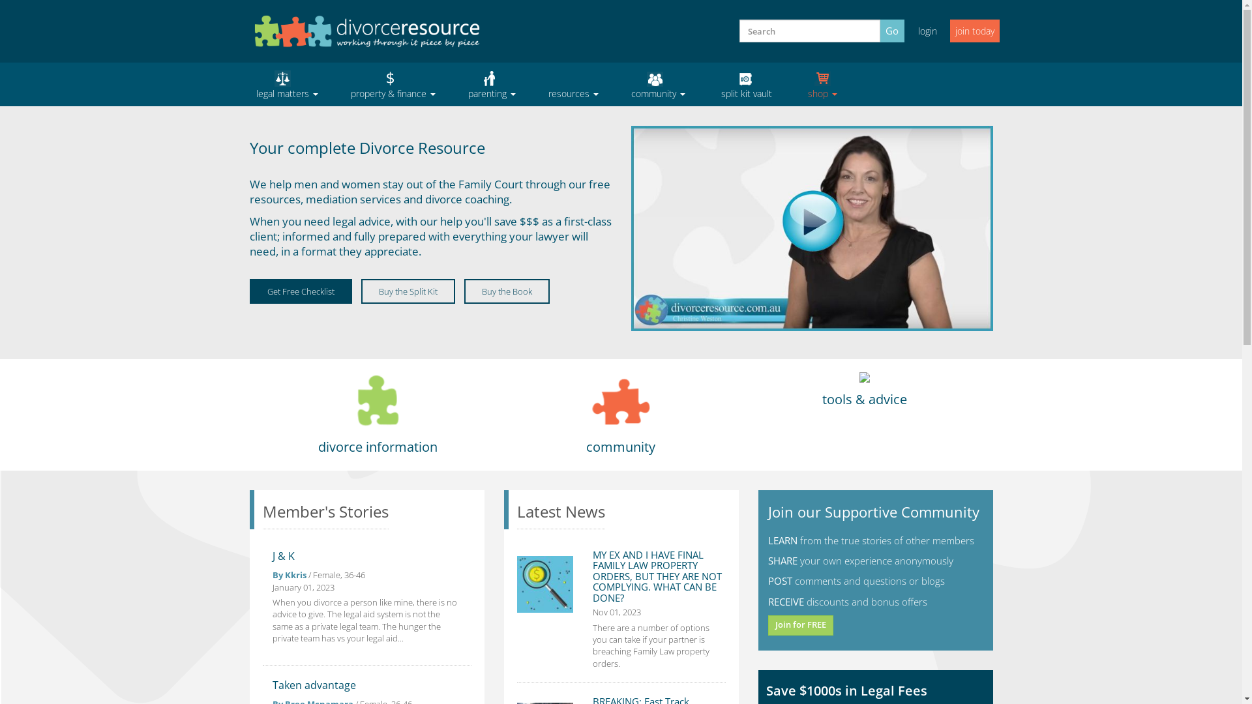 The width and height of the screenshot is (1252, 704). What do you see at coordinates (949, 30) in the screenshot?
I see `'join today'` at bounding box center [949, 30].